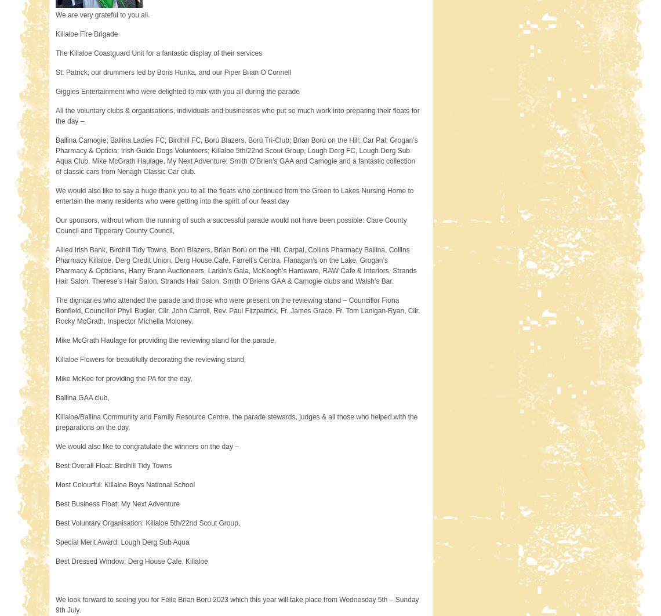 The width and height of the screenshot is (661, 616). I want to click on 'Ballina GAA club,', so click(82, 398).